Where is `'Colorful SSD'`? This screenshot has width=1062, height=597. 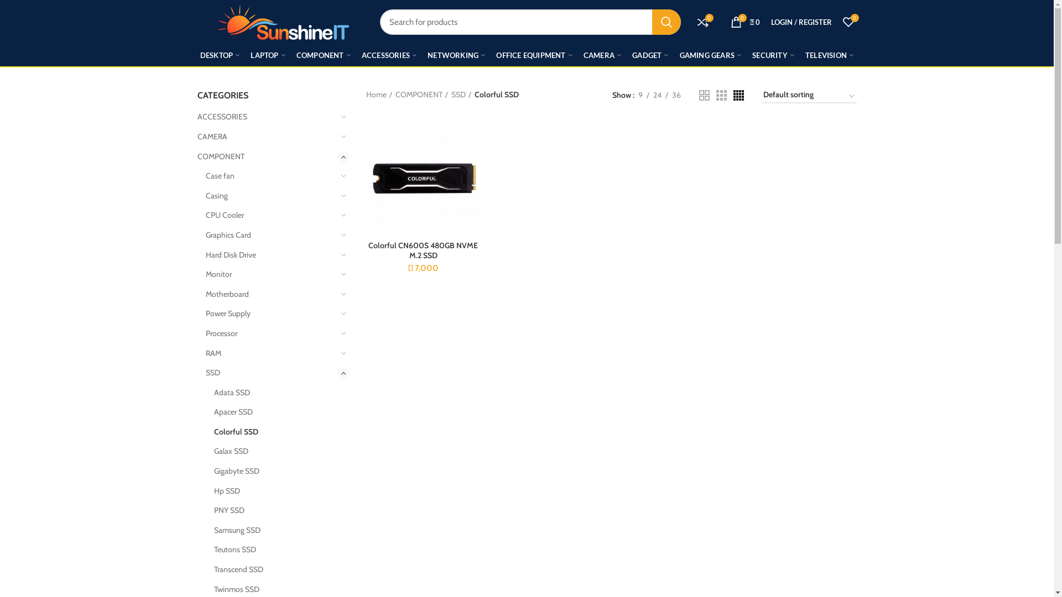
'Colorful SSD' is located at coordinates (213, 432).